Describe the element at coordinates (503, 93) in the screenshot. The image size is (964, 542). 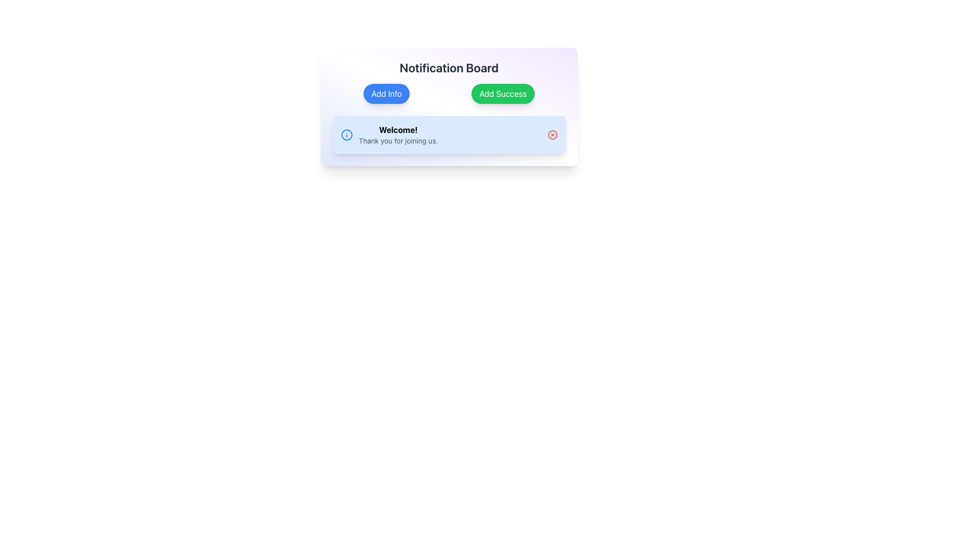
I see `the 'Add Success' button located to the right of the 'Add Info' button in the top-center of the interface` at that location.